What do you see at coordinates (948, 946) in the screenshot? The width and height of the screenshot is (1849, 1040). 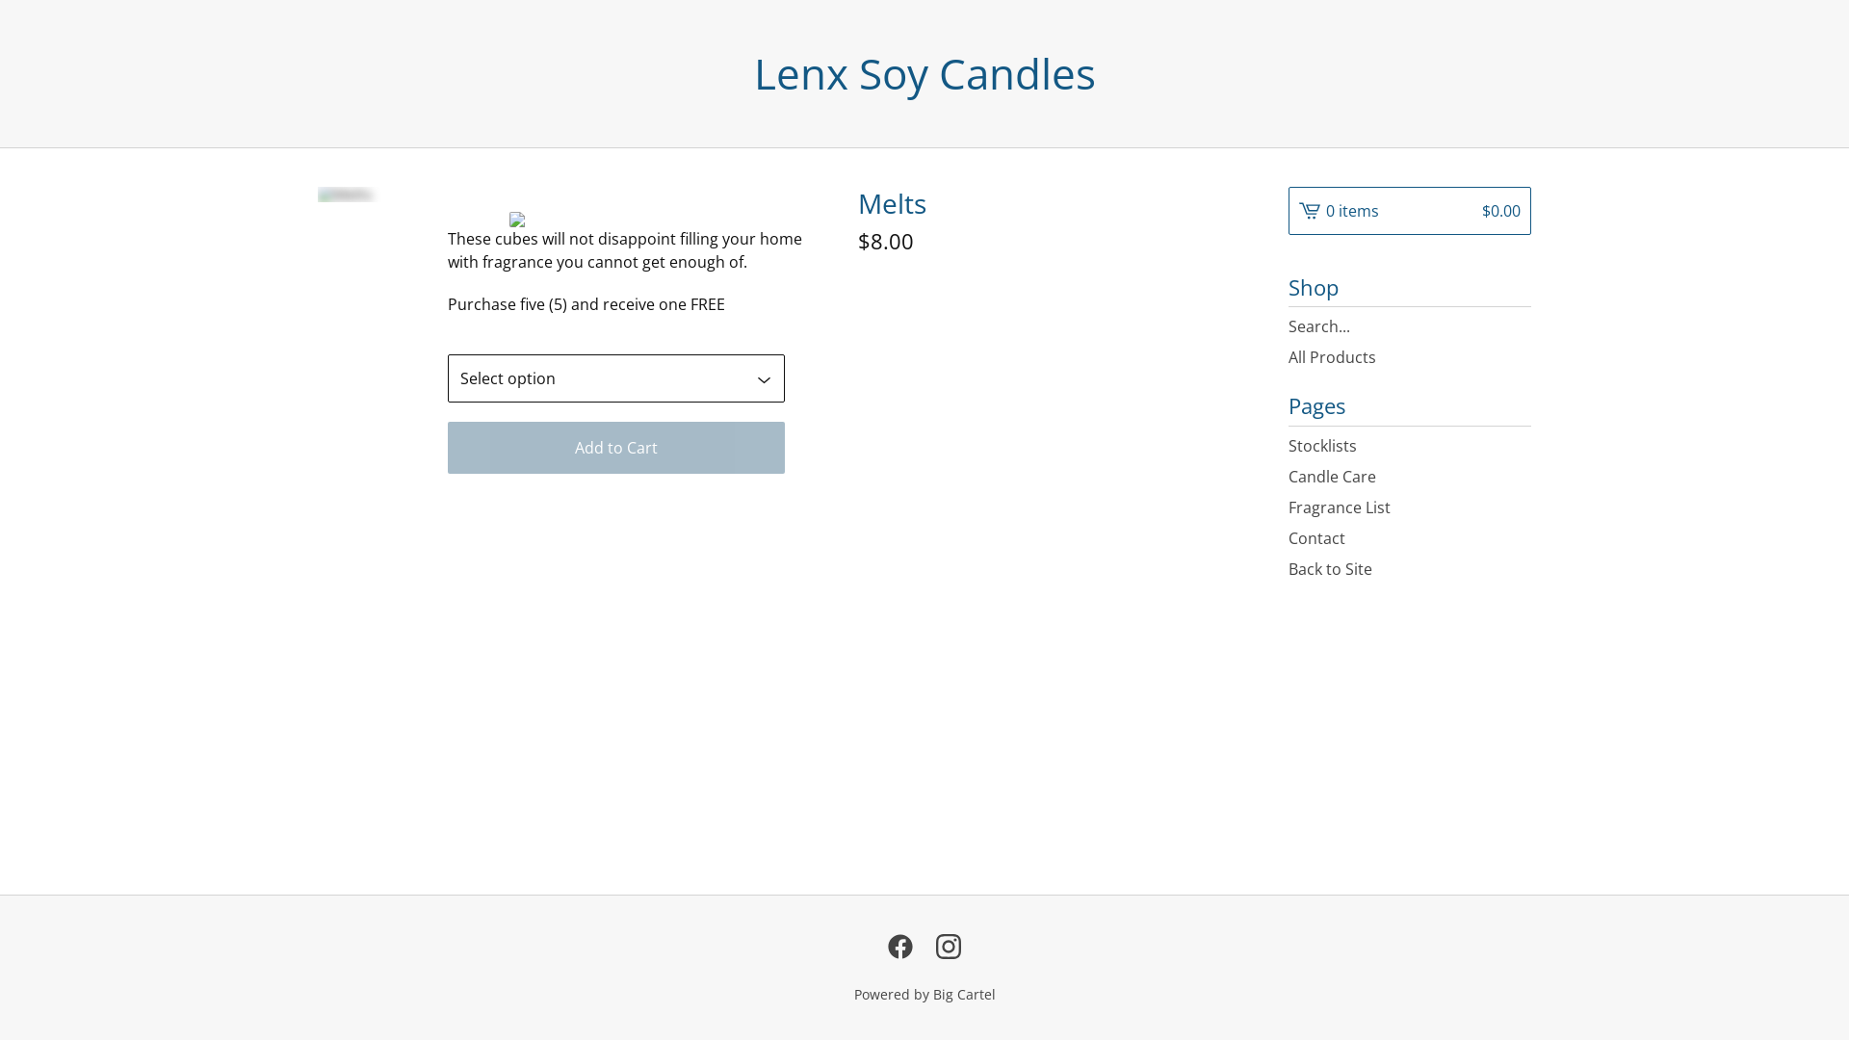 I see `'Instagram'` at bounding box center [948, 946].